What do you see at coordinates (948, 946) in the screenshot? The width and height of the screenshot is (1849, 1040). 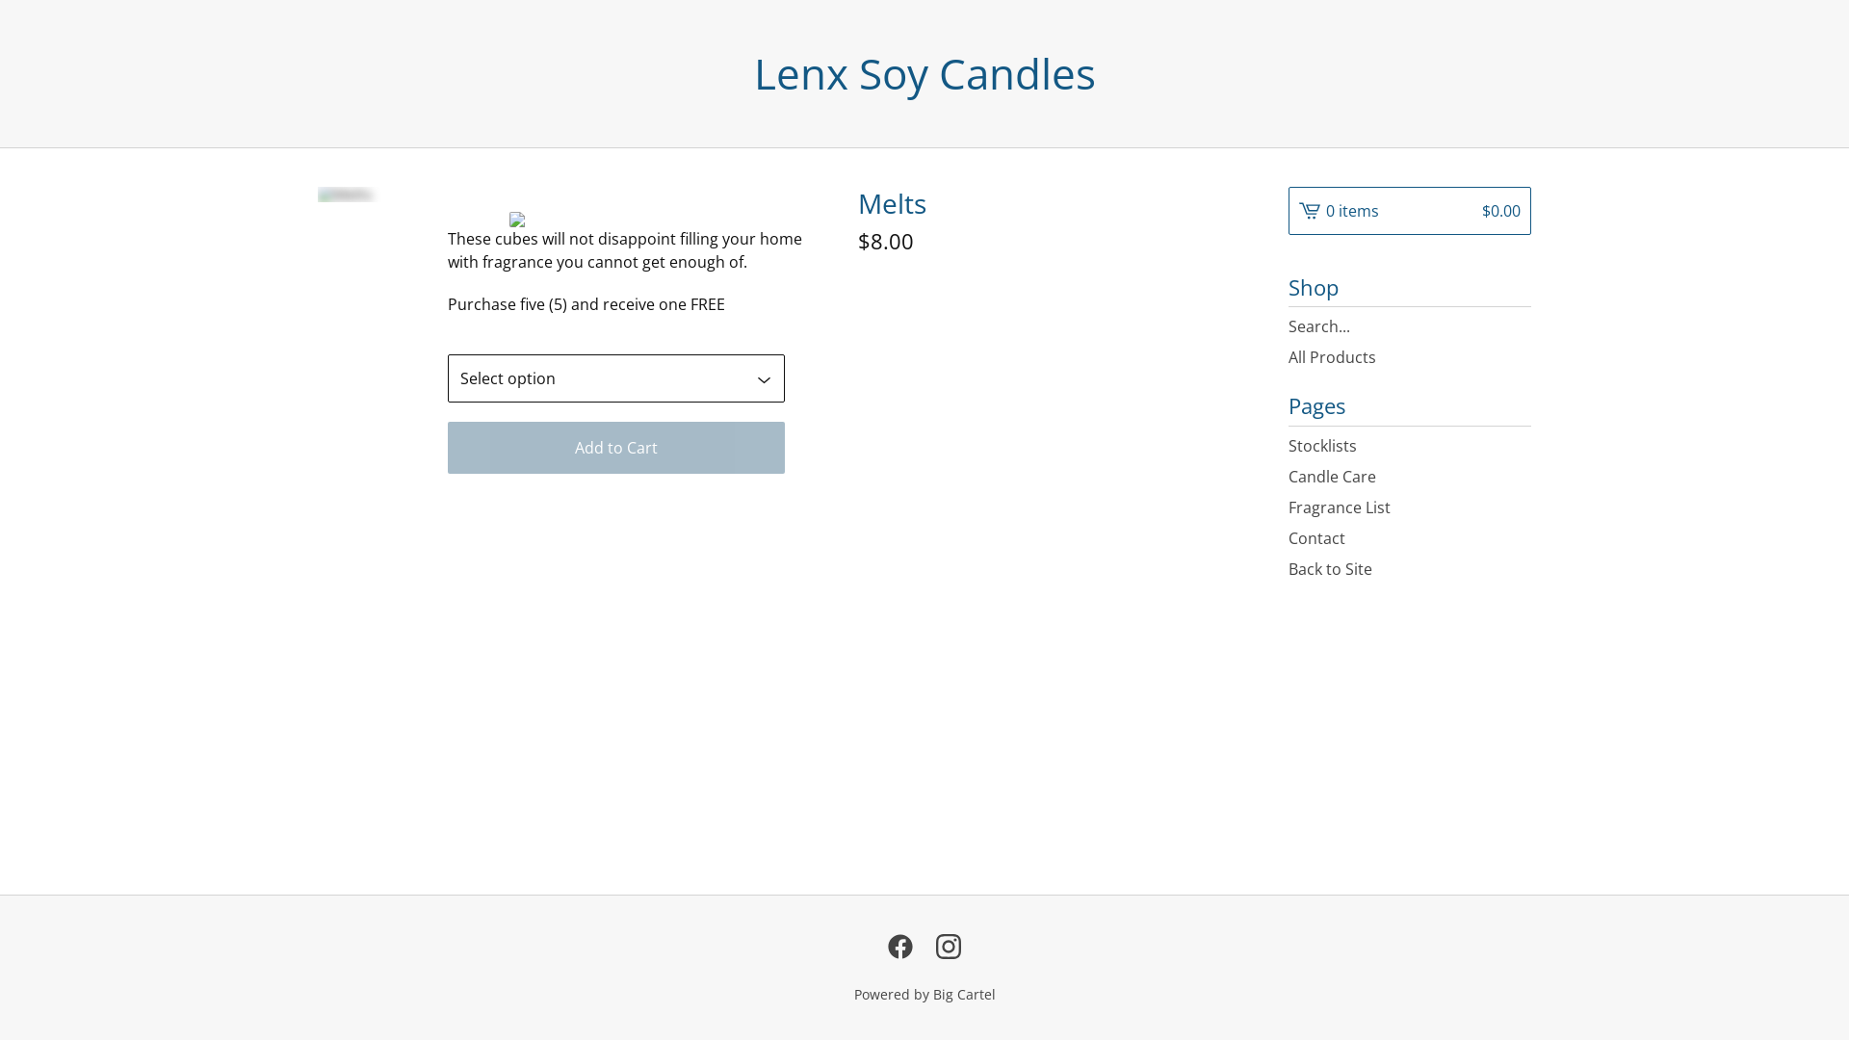 I see `'Instagram'` at bounding box center [948, 946].